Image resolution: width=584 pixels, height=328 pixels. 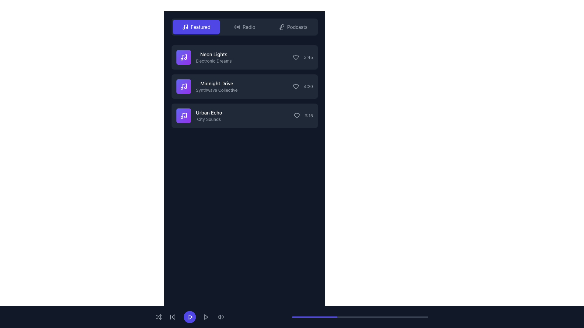 I want to click on the horizontal progress bar at the bottom of the interface, which has a dark background and a purple highlighted section indicating progress, so click(x=292, y=317).